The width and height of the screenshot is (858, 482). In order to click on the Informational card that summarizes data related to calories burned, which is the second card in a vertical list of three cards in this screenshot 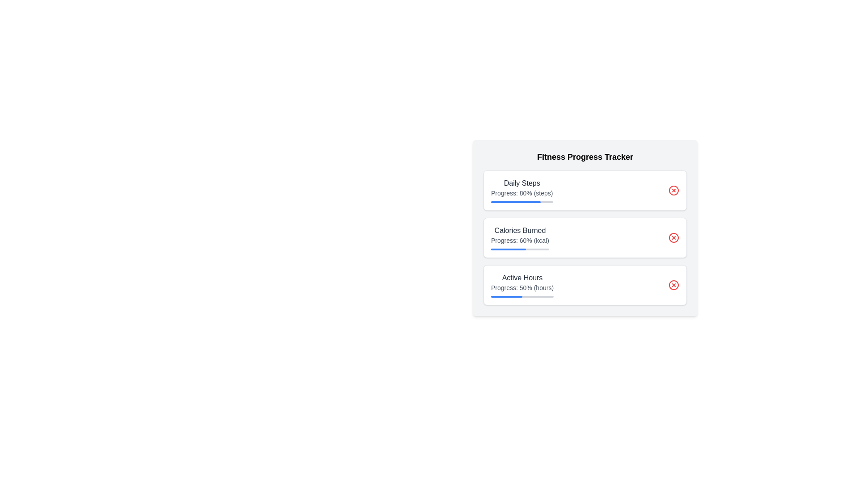, I will do `click(585, 237)`.